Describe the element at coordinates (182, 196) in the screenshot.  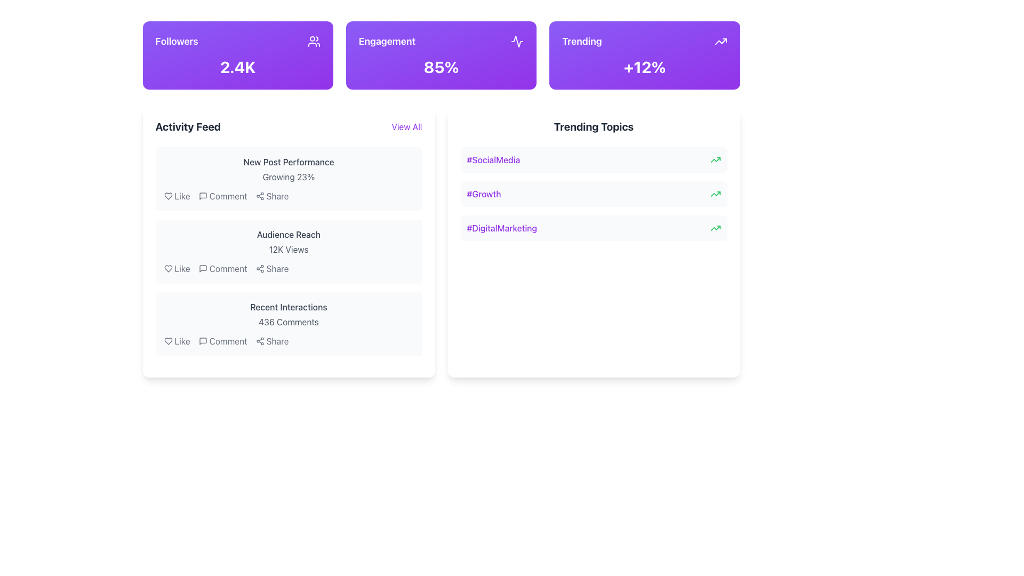
I see `the like button or label located in the first activity item under the 'Activity Feed' section, positioned after the heart icon in the interactive group with 'Comment' and 'Share' options` at that location.